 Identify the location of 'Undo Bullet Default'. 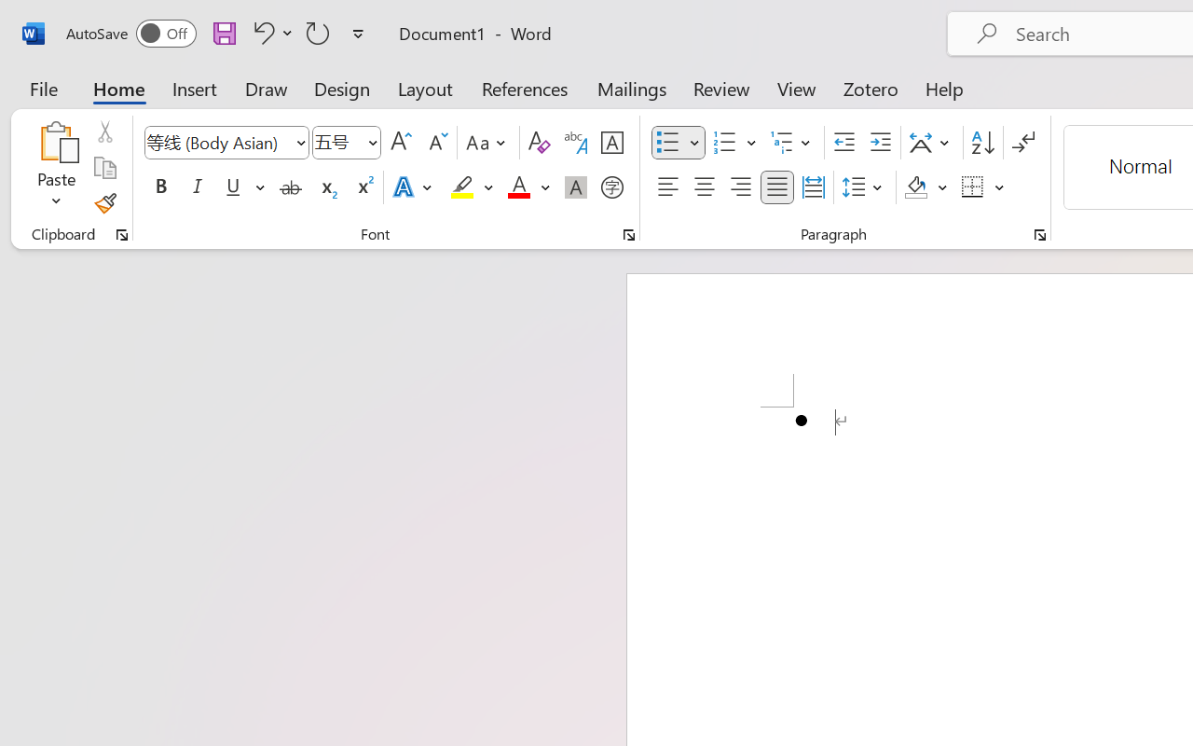
(269, 32).